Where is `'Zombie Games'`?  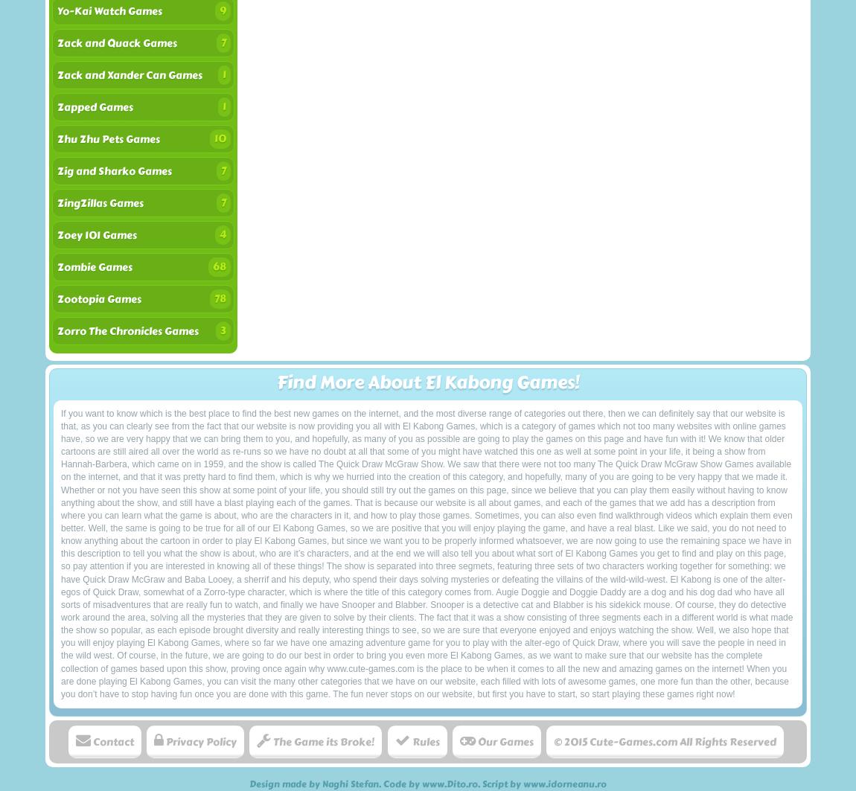
'Zombie Games' is located at coordinates (94, 267).